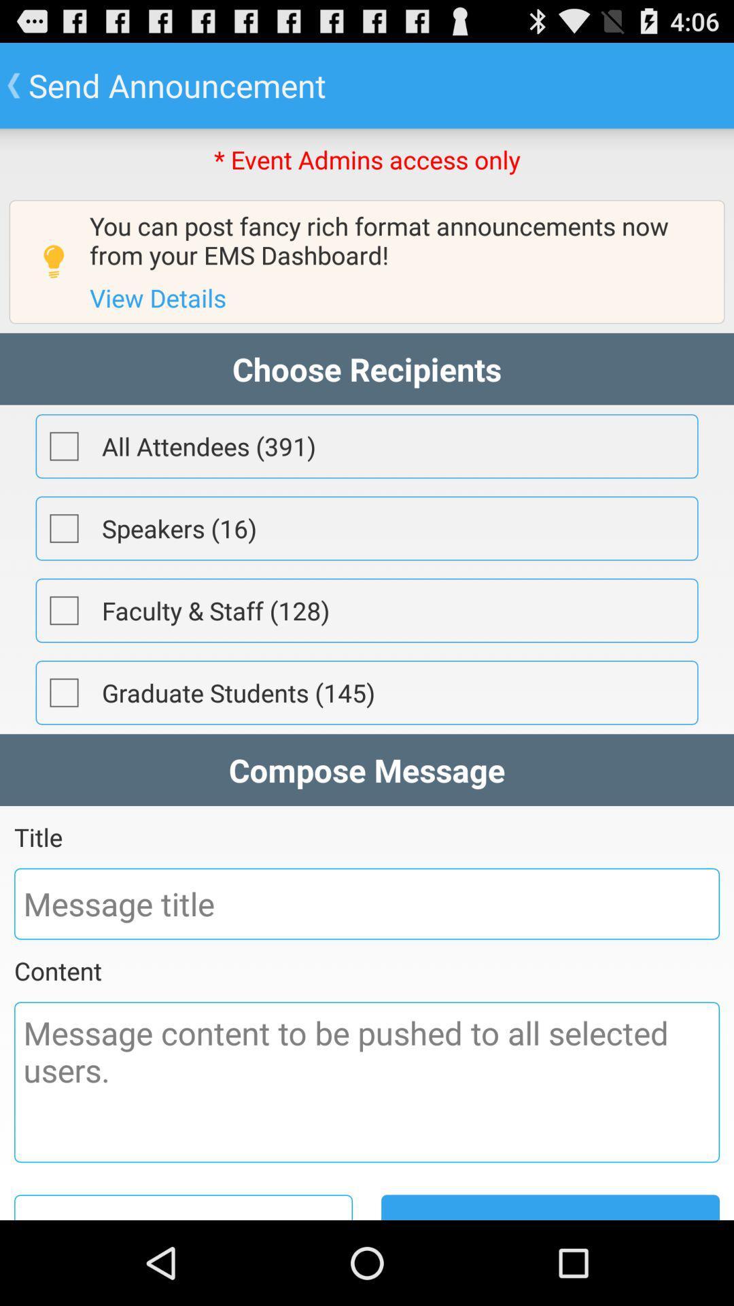  Describe the element at coordinates (64, 692) in the screenshot. I see `item` at that location.